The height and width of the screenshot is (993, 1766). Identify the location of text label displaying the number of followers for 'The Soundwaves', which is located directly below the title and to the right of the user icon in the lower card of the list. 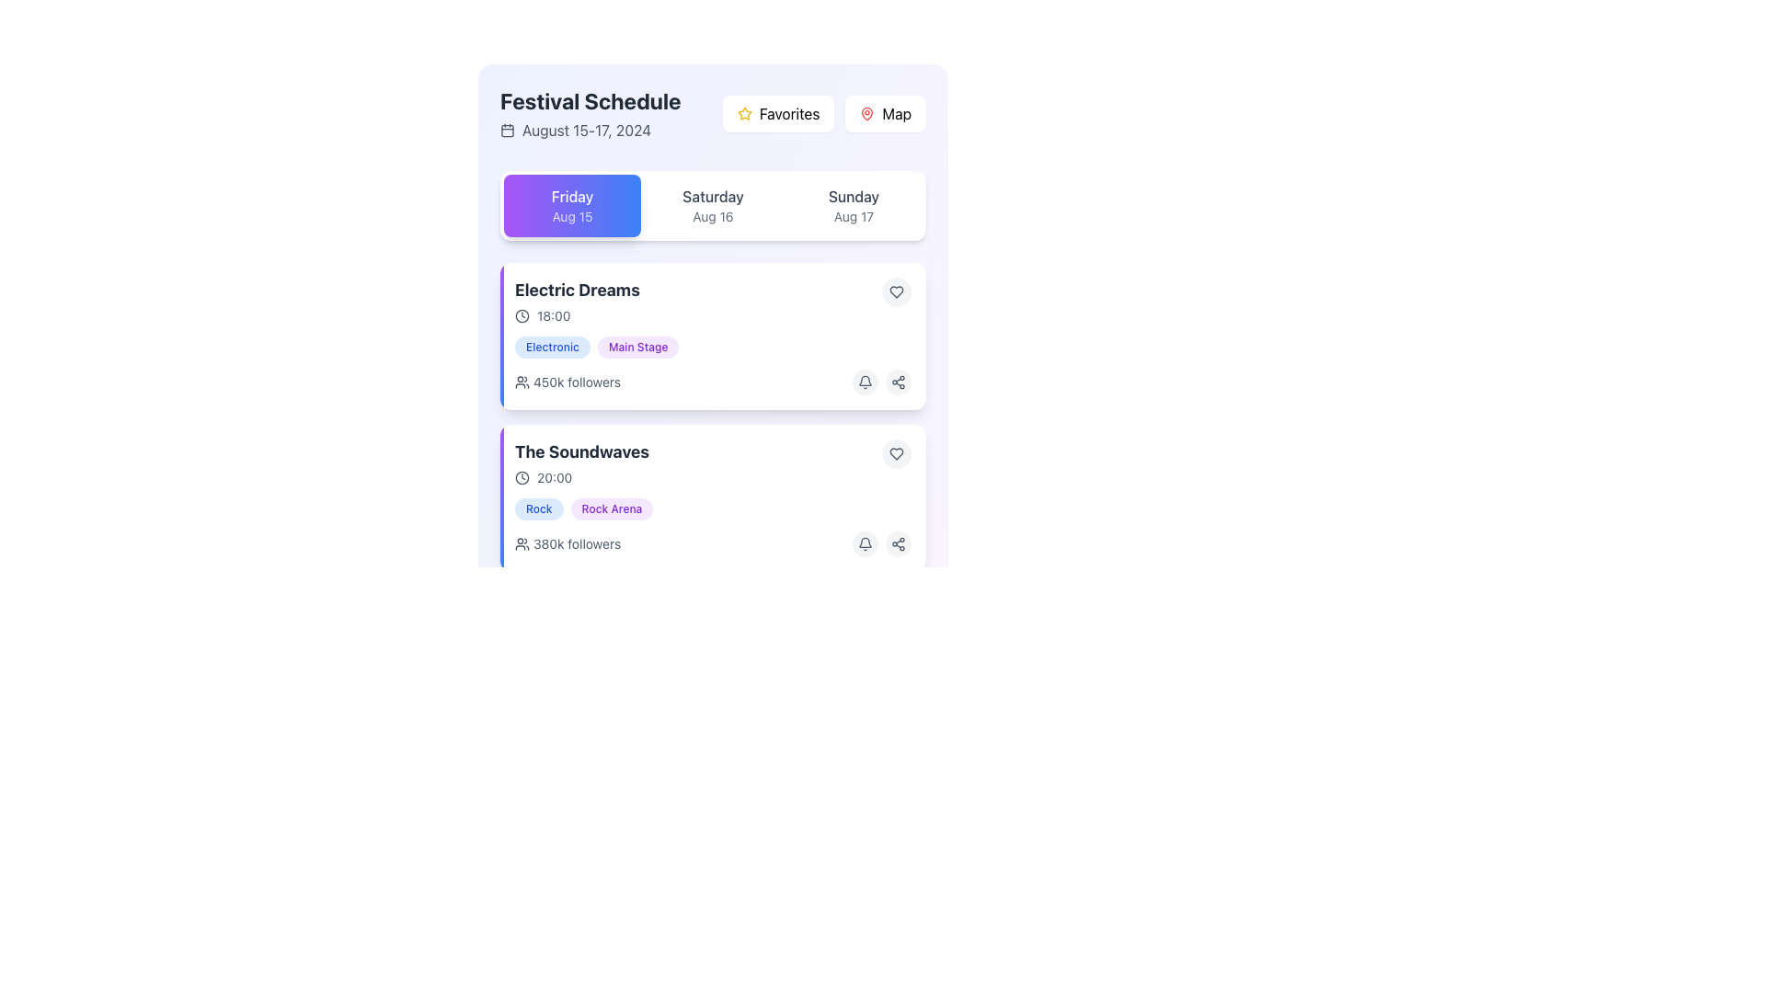
(576, 542).